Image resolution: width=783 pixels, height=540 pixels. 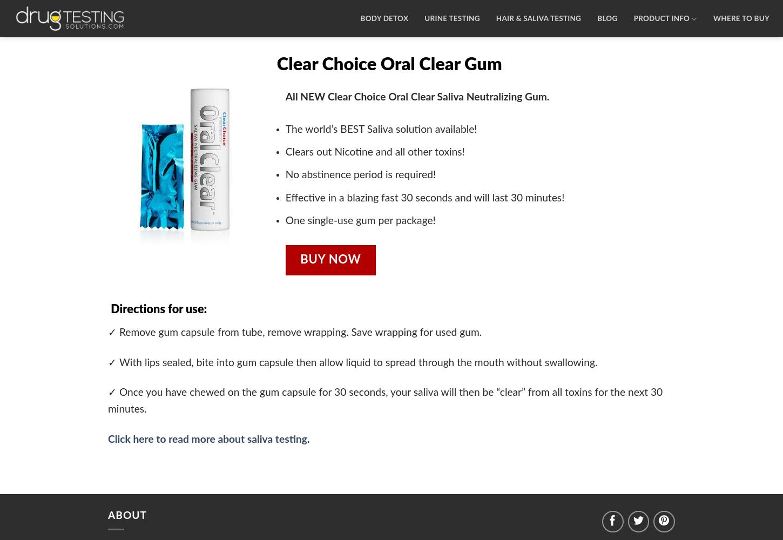 What do you see at coordinates (308, 438) in the screenshot?
I see `'.'` at bounding box center [308, 438].